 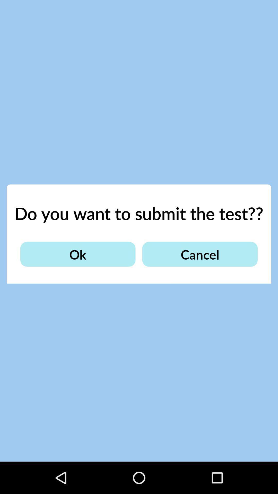 What do you see at coordinates (199, 254) in the screenshot?
I see `item on the right` at bounding box center [199, 254].